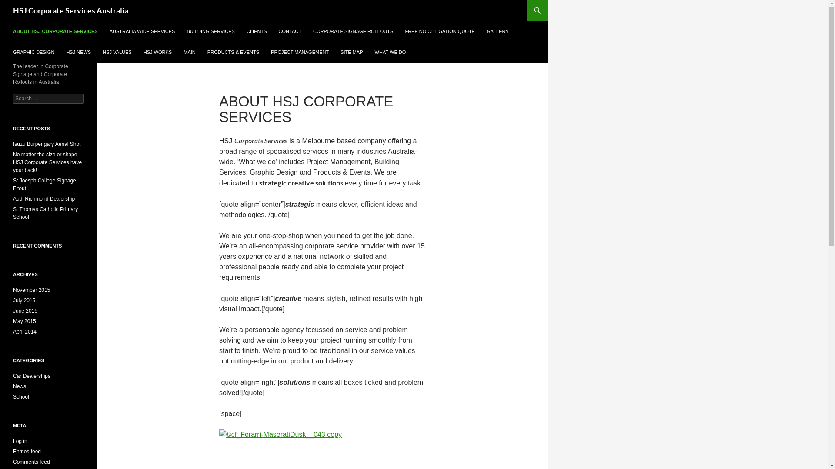 This screenshot has height=469, width=835. I want to click on 'CONTACT', so click(290, 31).